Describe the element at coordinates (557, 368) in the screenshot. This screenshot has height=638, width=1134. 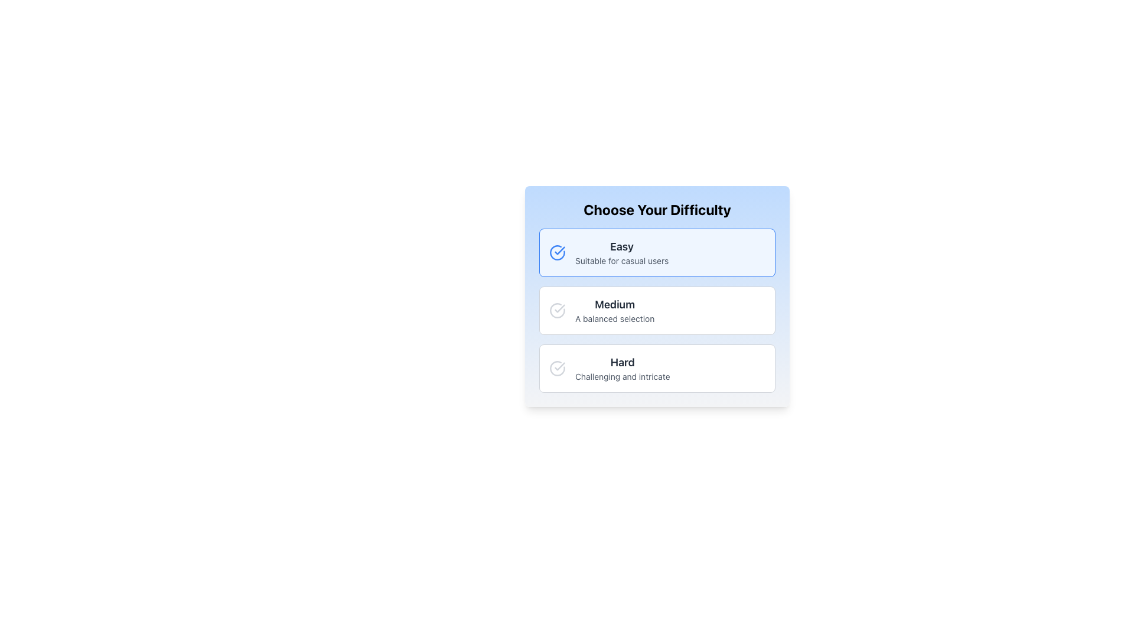
I see `the selection status icon for the 'Hard' difficulty option, located at the left side of the 'Hard' difficulty title` at that location.